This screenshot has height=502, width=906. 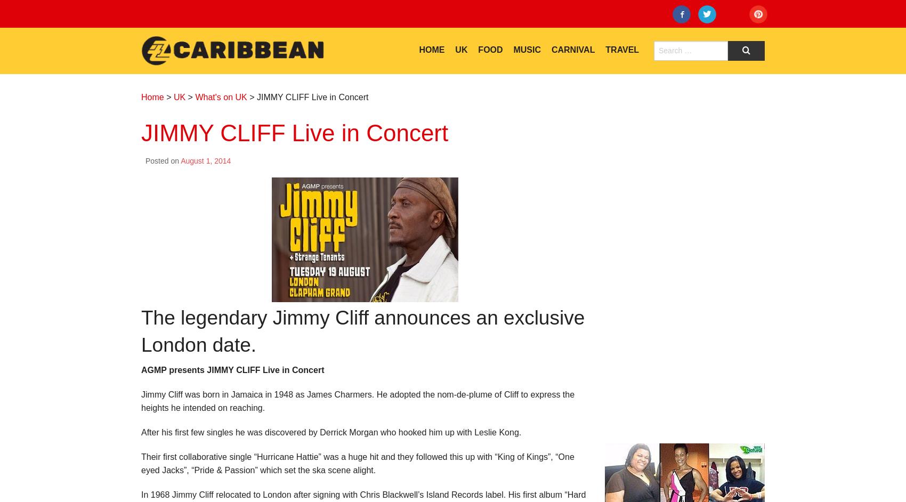 I want to click on 'AGMP presents JIMMY CLIFF Live in Concert', so click(x=141, y=370).